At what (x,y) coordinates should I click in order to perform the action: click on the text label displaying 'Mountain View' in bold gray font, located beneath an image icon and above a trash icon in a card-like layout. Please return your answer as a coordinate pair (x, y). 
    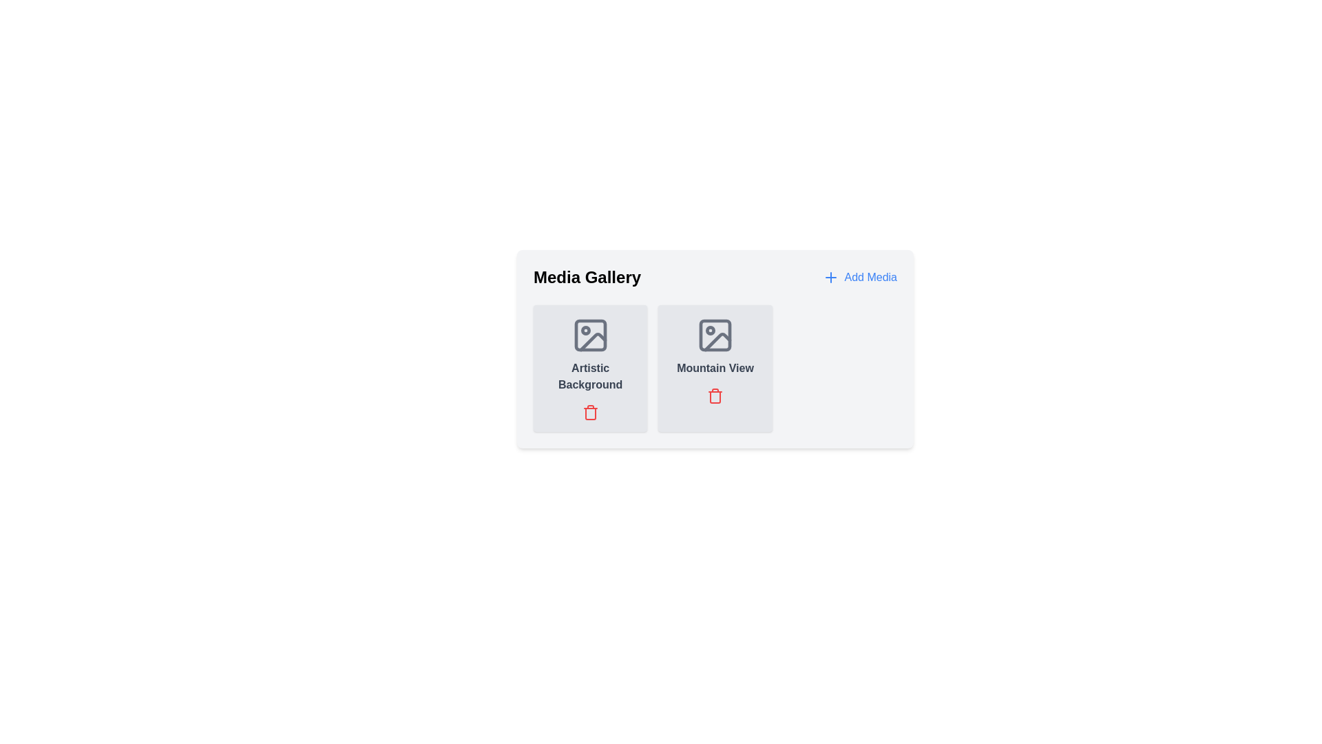
    Looking at the image, I should click on (715, 368).